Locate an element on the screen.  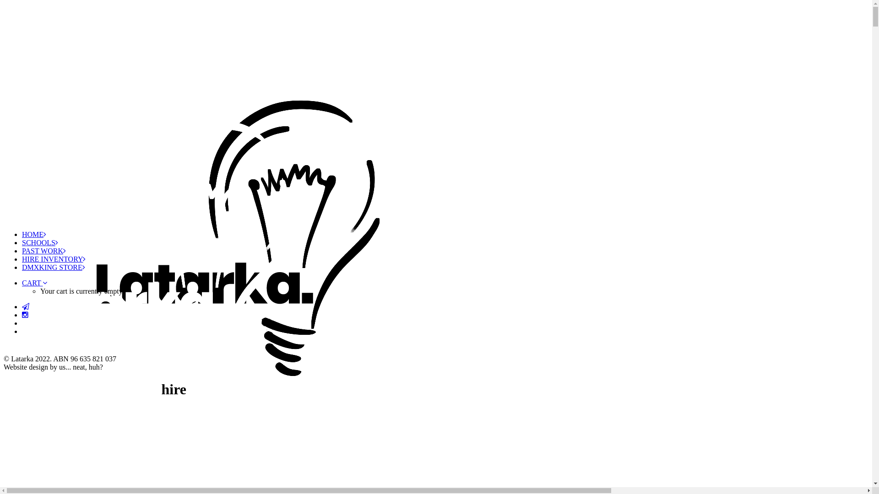
'SCHOOLS' is located at coordinates (39, 242).